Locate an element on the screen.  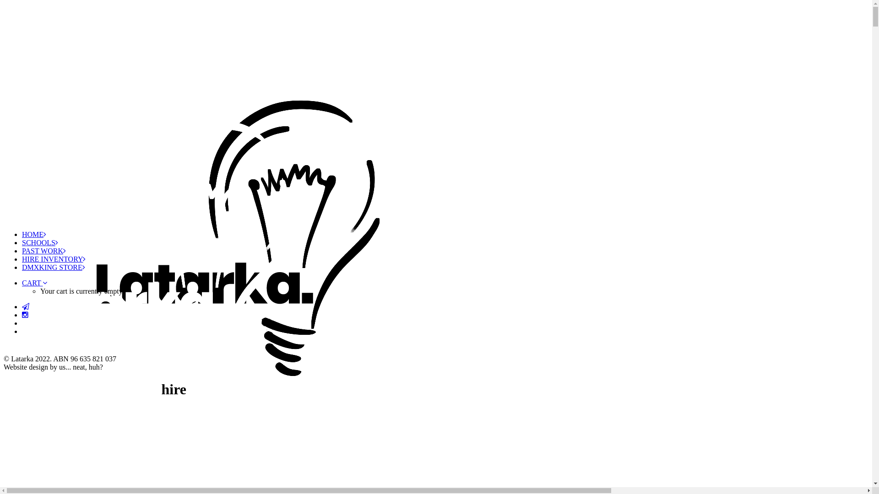
'SCHOOLS' is located at coordinates (39, 242).